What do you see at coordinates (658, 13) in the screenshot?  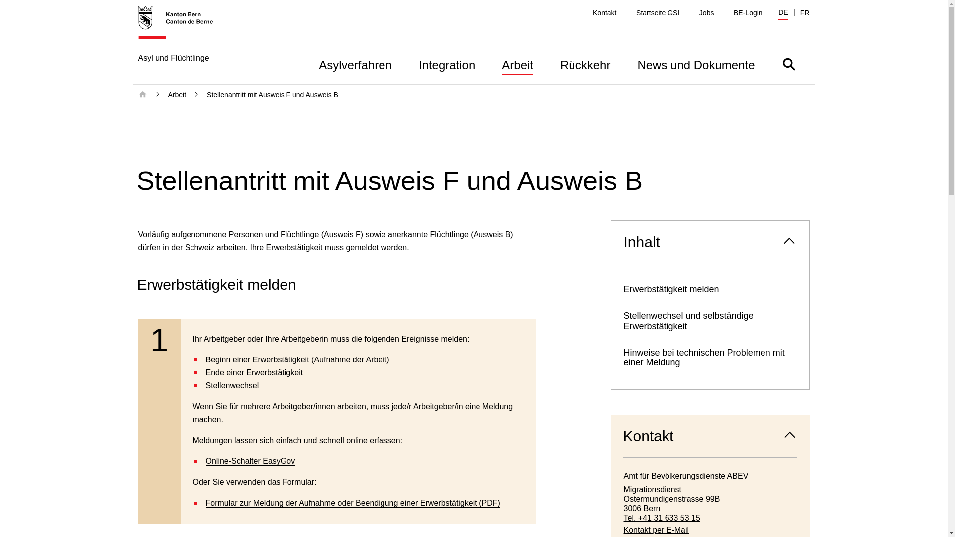 I see `'Startseite GSI'` at bounding box center [658, 13].